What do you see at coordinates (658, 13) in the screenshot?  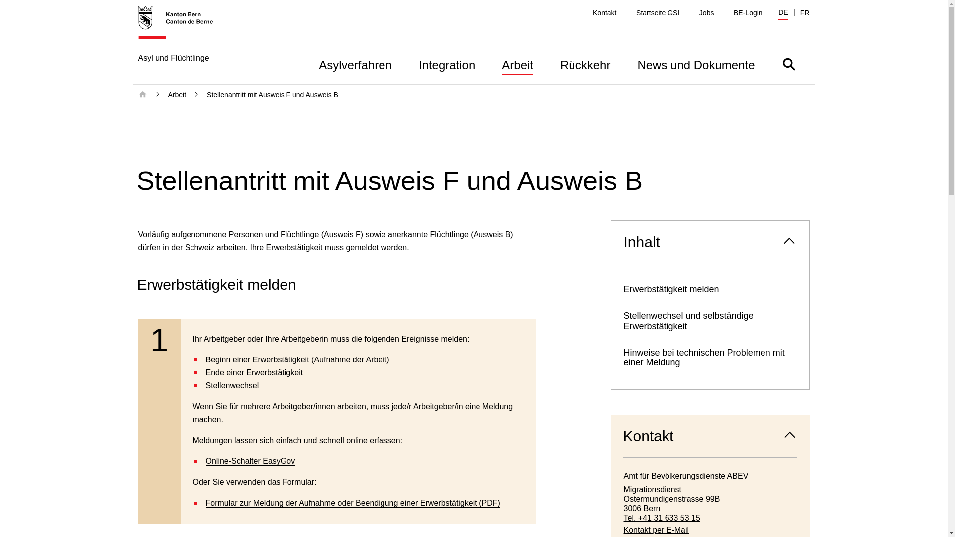 I see `'Startseite GSI'` at bounding box center [658, 13].